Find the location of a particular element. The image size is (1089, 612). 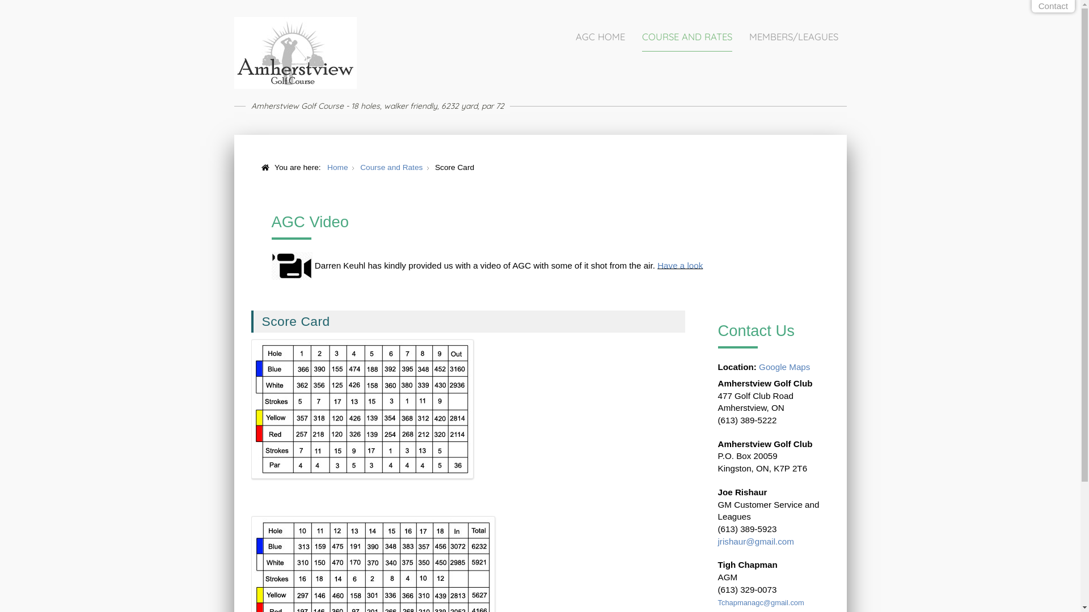

'Score Card' is located at coordinates (296, 321).